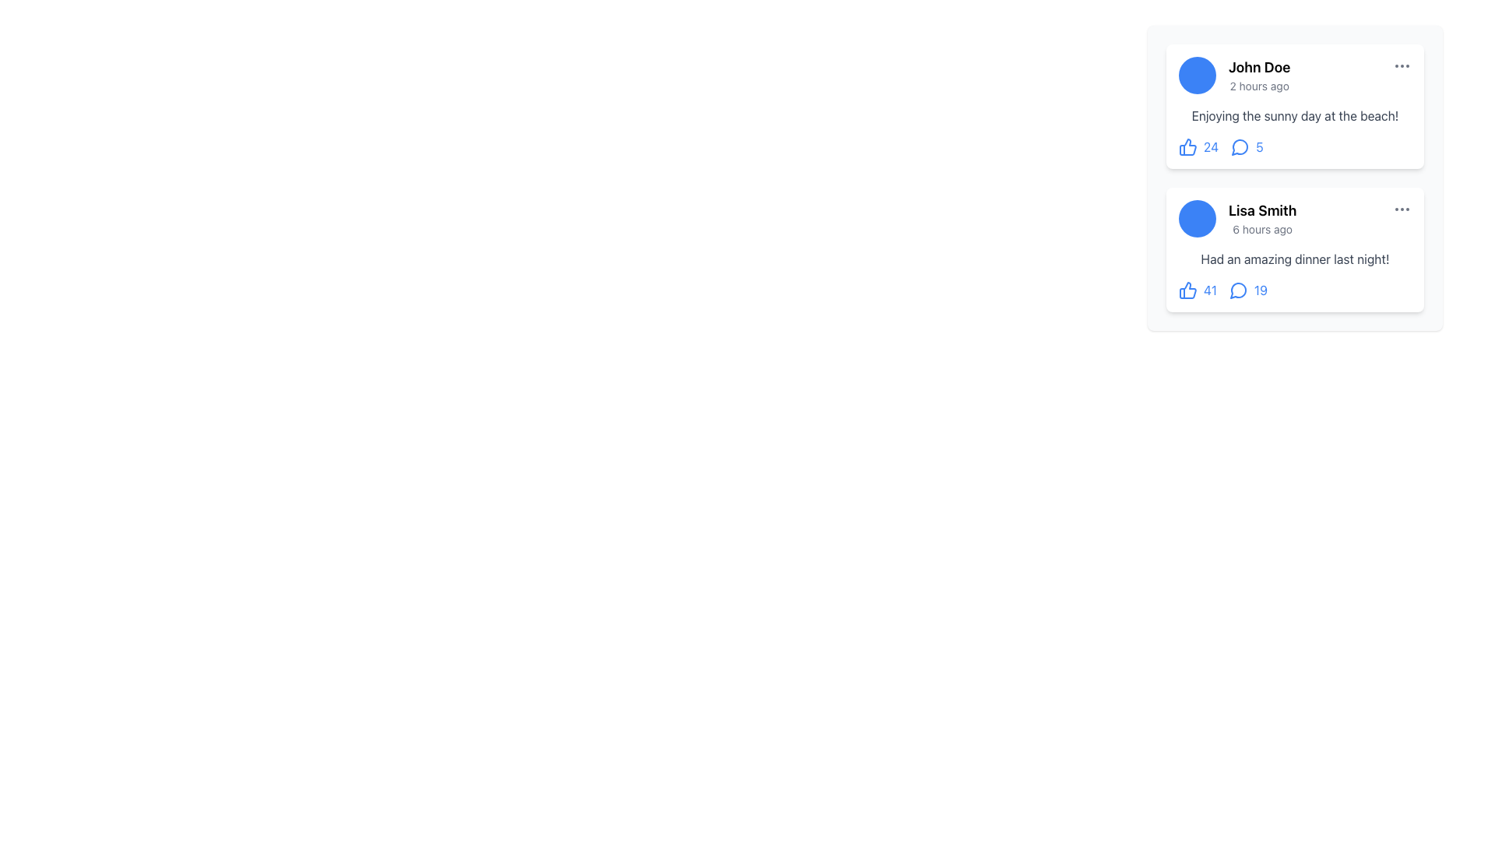 The height and width of the screenshot is (841, 1495). Describe the element at coordinates (1236, 219) in the screenshot. I see `the user information header for the second post from the top` at that location.